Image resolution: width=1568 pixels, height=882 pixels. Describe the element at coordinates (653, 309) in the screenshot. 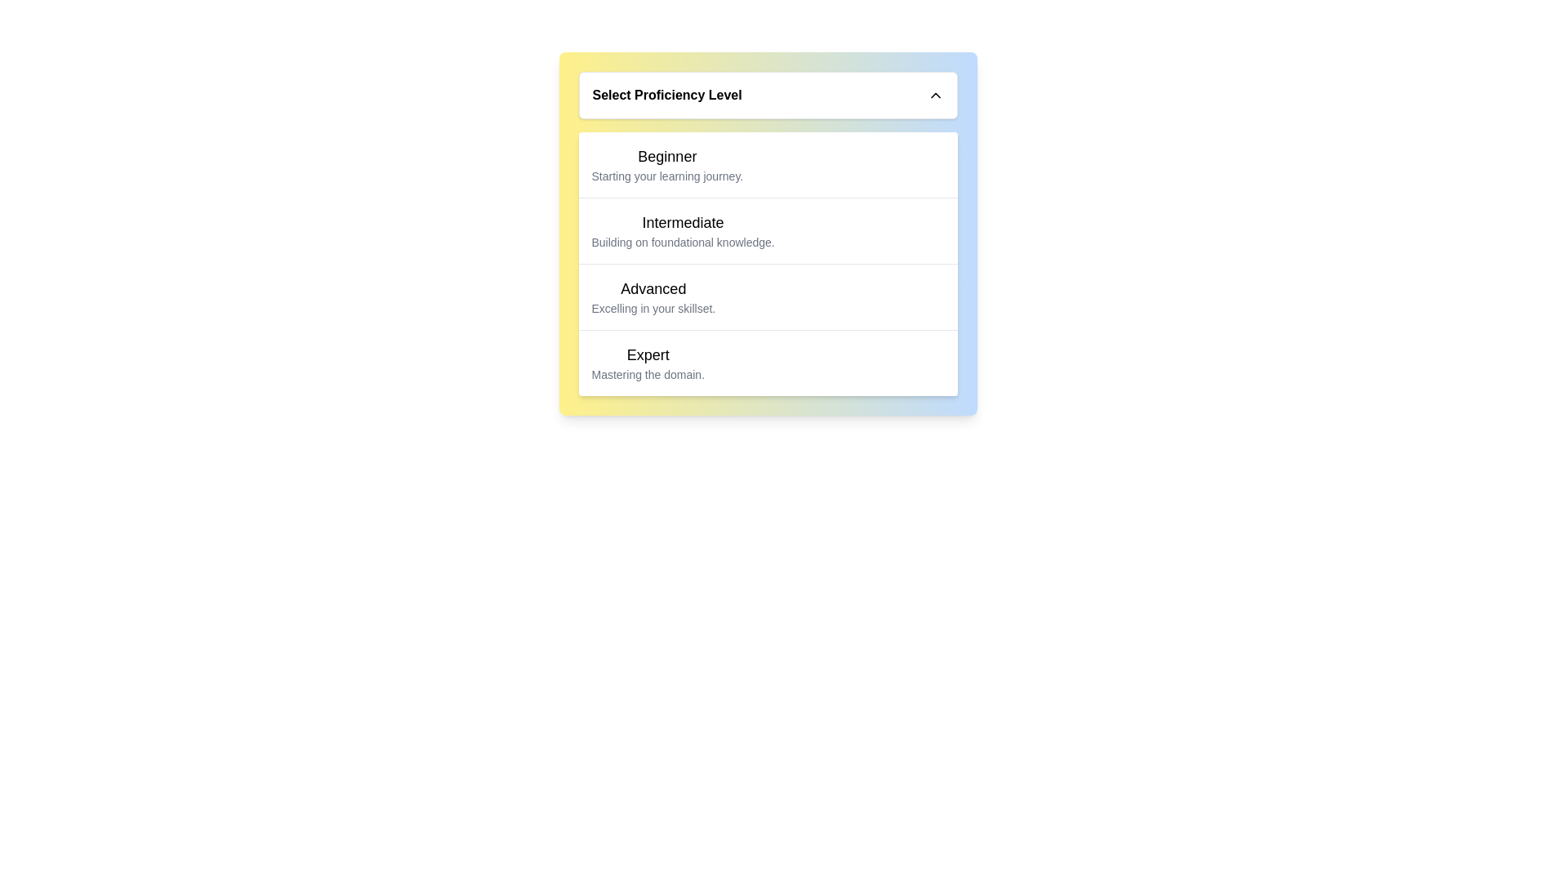

I see `the text label 'Excelling in your skillset.'` at that location.